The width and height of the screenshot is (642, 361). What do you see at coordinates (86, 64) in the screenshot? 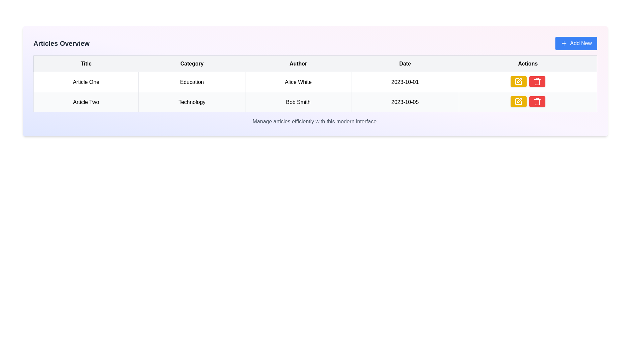
I see `the 'Title' column header cell` at bounding box center [86, 64].